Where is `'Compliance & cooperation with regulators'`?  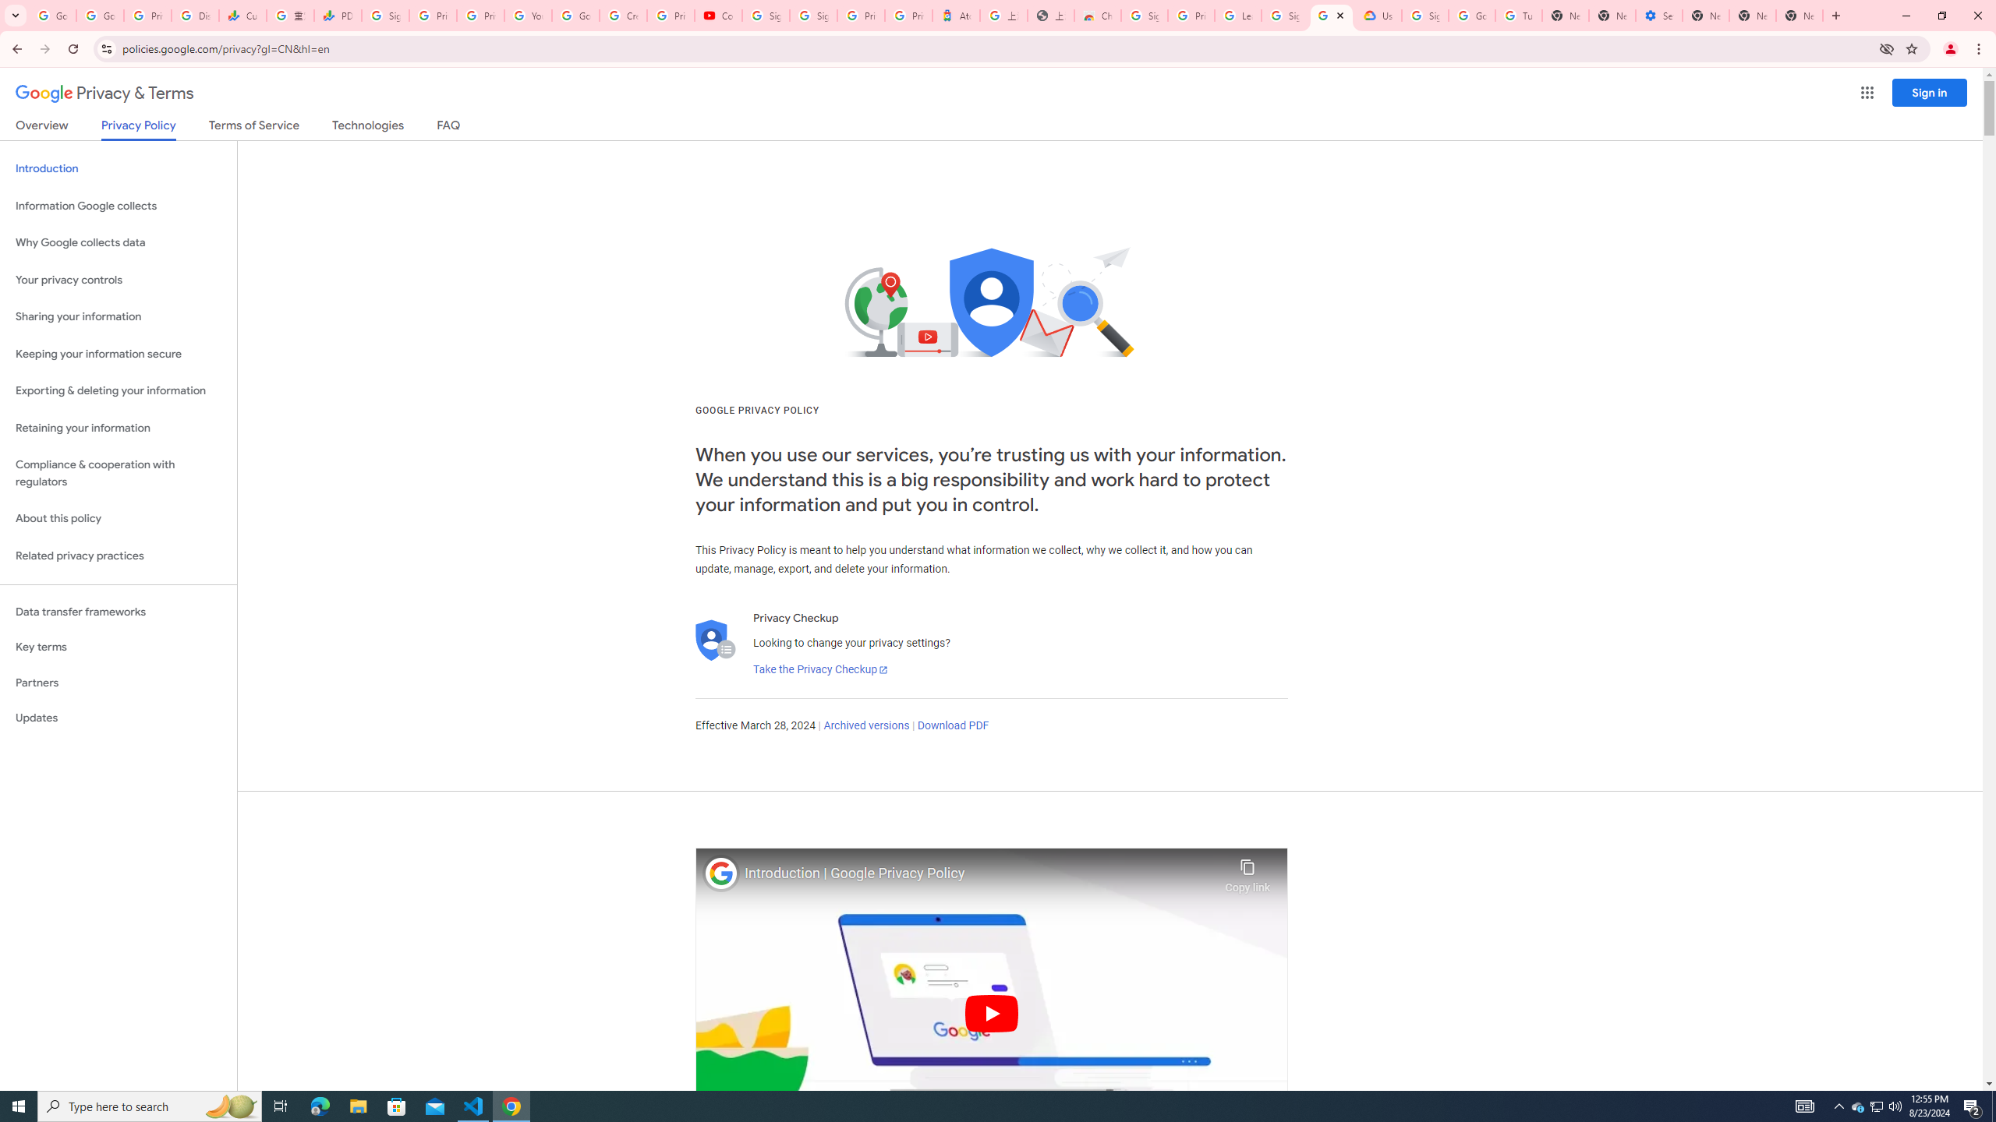 'Compliance & cooperation with regulators' is located at coordinates (118, 474).